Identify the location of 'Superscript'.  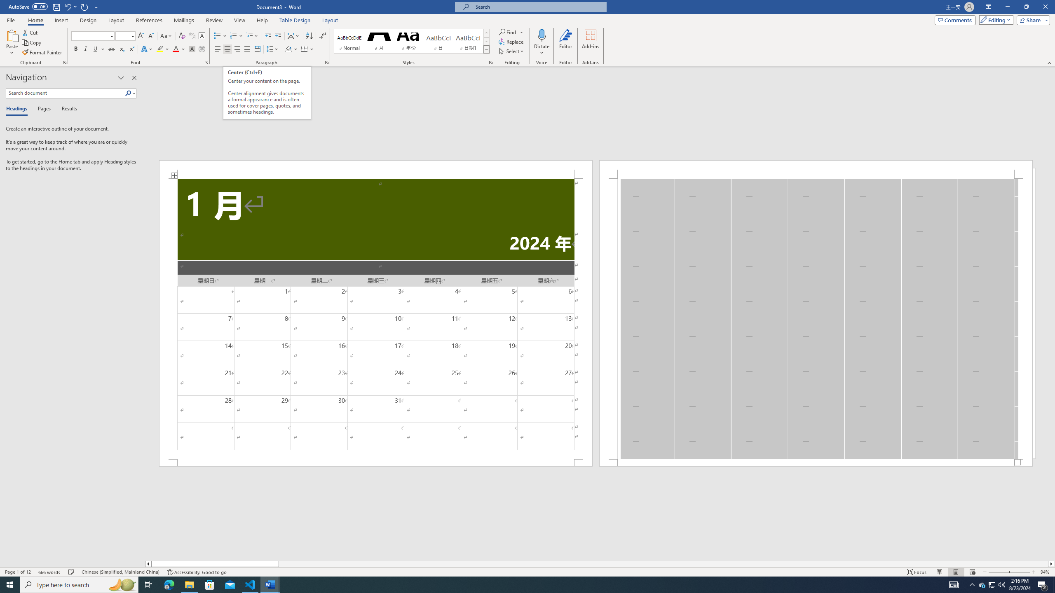
(131, 49).